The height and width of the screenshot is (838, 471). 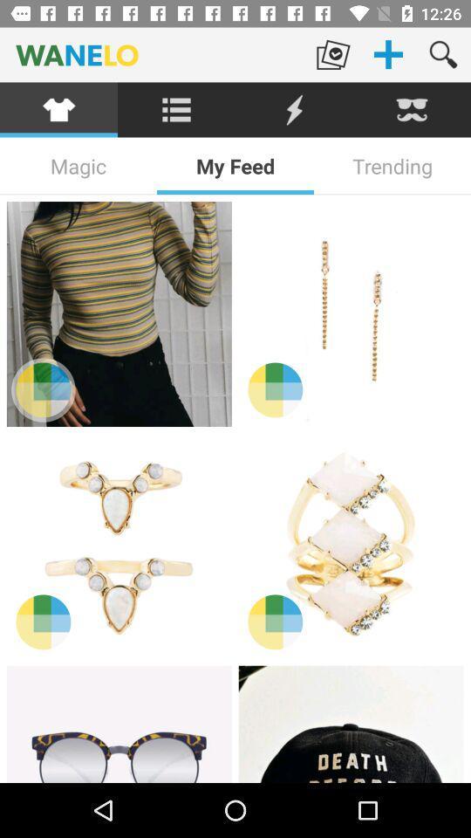 What do you see at coordinates (153, 54) in the screenshot?
I see `wanelo item` at bounding box center [153, 54].